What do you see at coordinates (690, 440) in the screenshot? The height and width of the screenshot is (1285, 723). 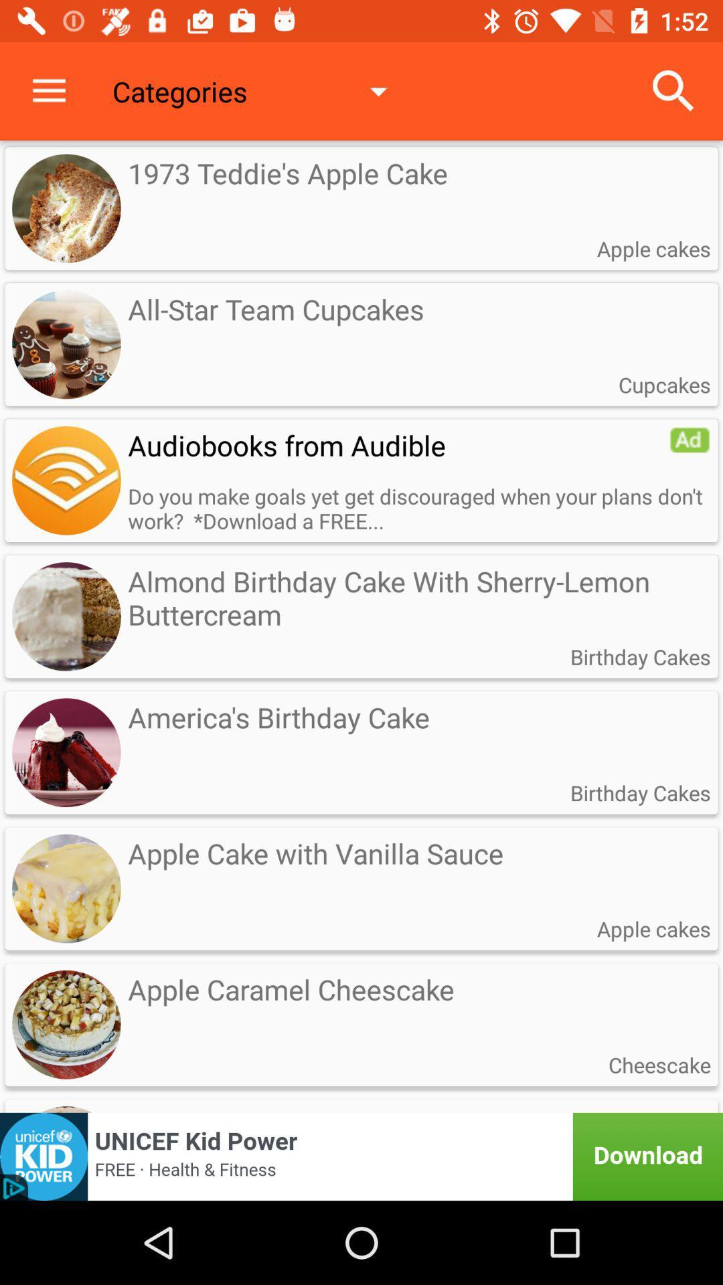 I see `the item below the cupcakes item` at bounding box center [690, 440].